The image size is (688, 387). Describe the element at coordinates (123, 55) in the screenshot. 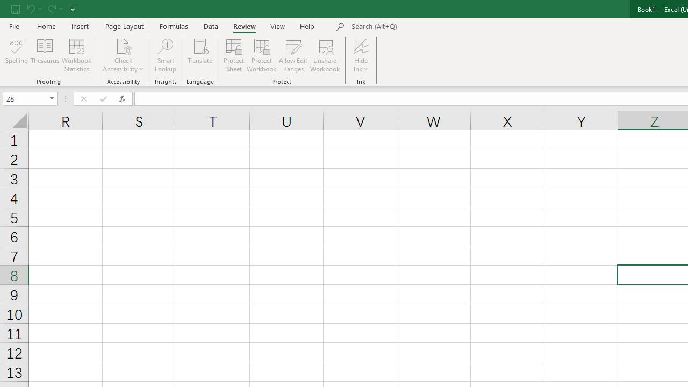

I see `'Check Accessibility'` at that location.